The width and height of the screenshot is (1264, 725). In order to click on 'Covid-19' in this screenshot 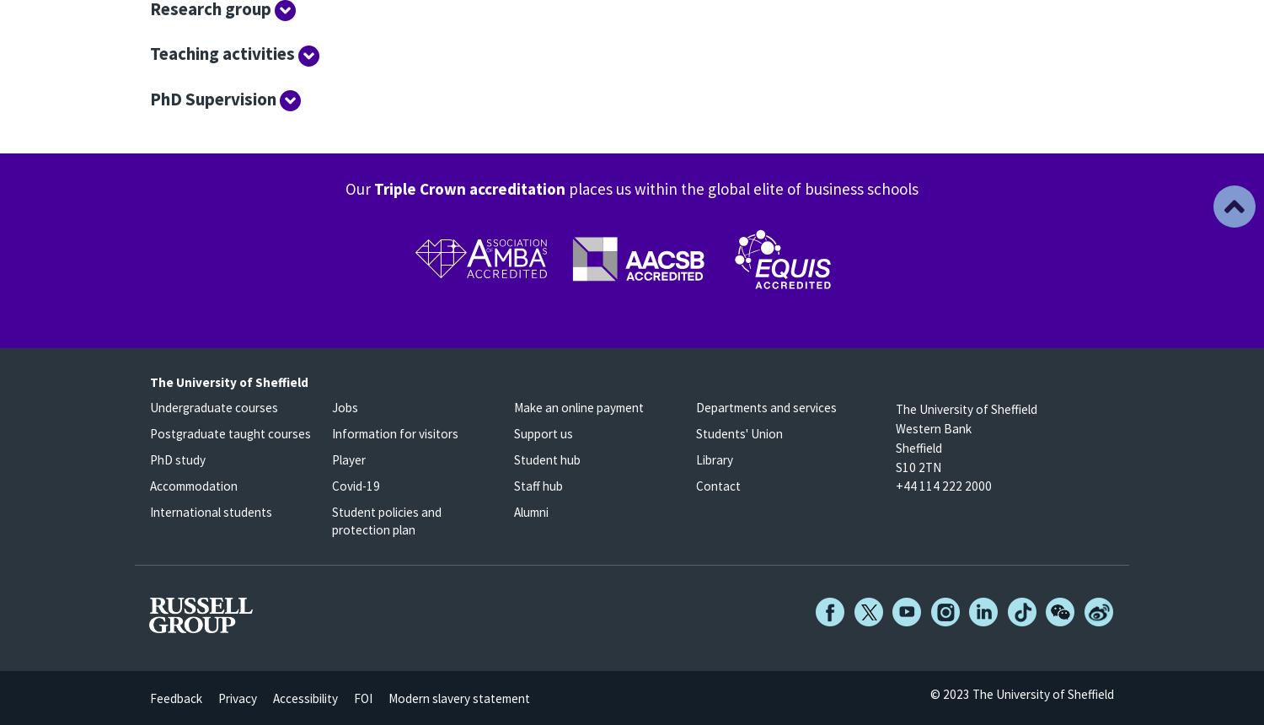, I will do `click(331, 485)`.